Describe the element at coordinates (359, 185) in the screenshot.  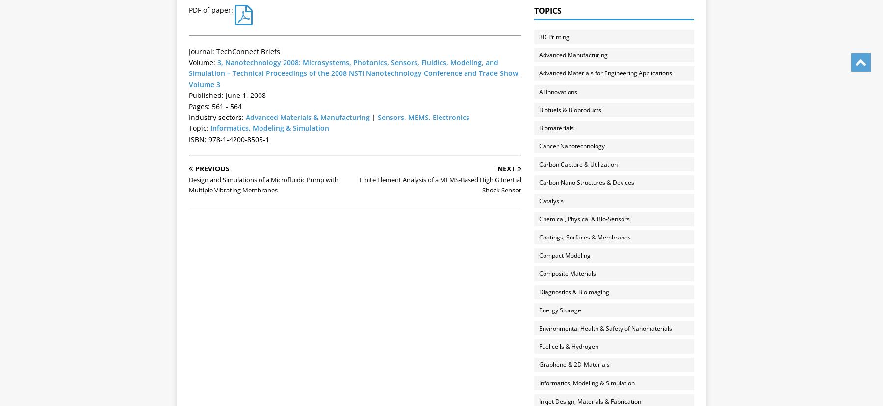
I see `'Finite Element Analysis of a MEMS-Based High G Inertial Shock Sensor'` at that location.